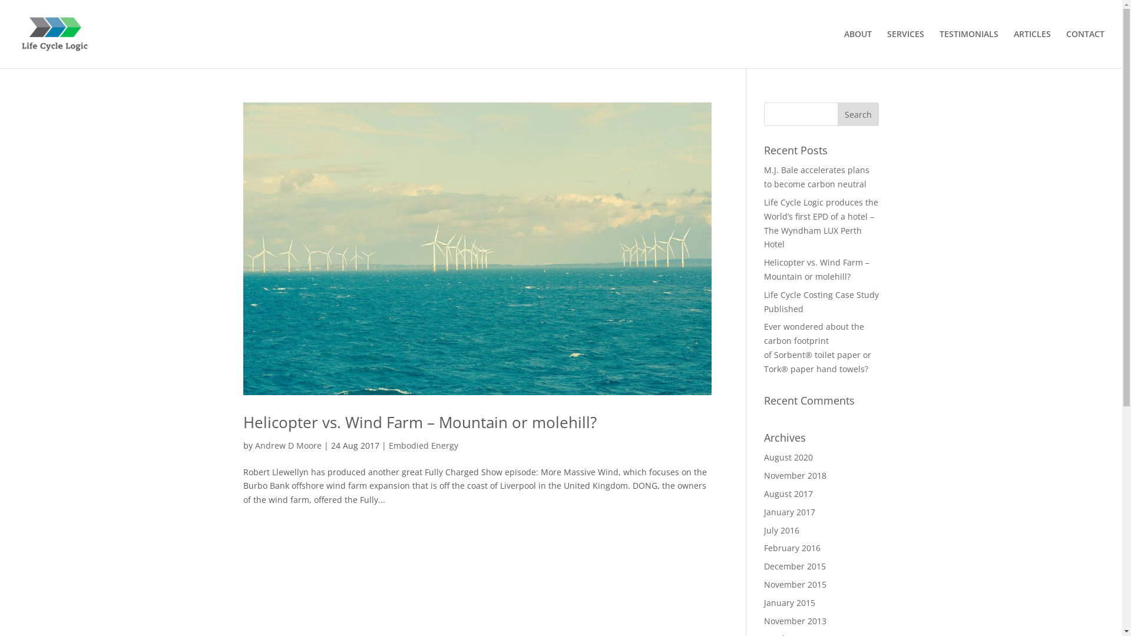 The width and height of the screenshot is (1131, 636). What do you see at coordinates (789, 602) in the screenshot?
I see `'January 2015'` at bounding box center [789, 602].